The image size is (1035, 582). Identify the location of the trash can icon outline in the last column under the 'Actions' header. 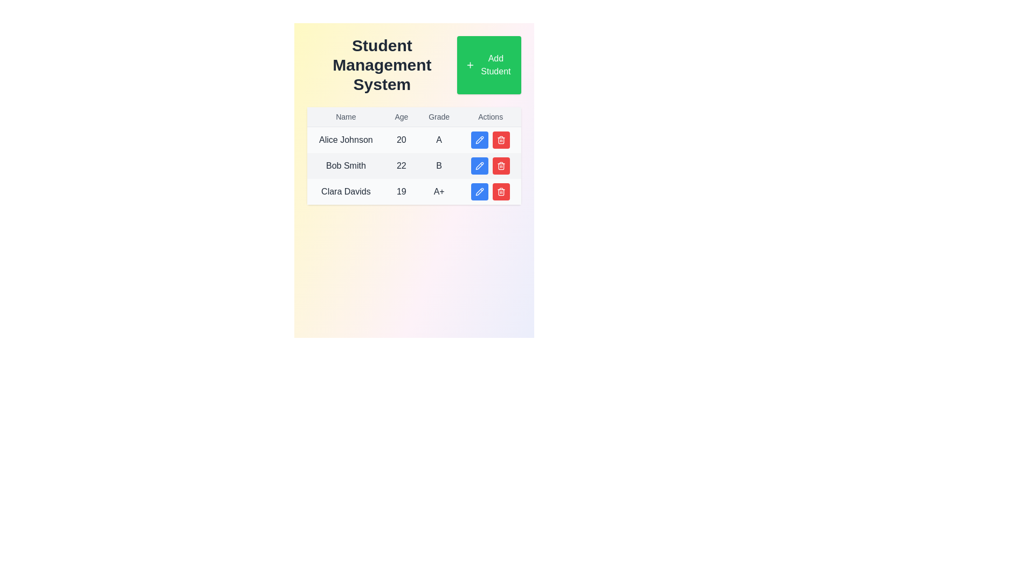
(501, 192).